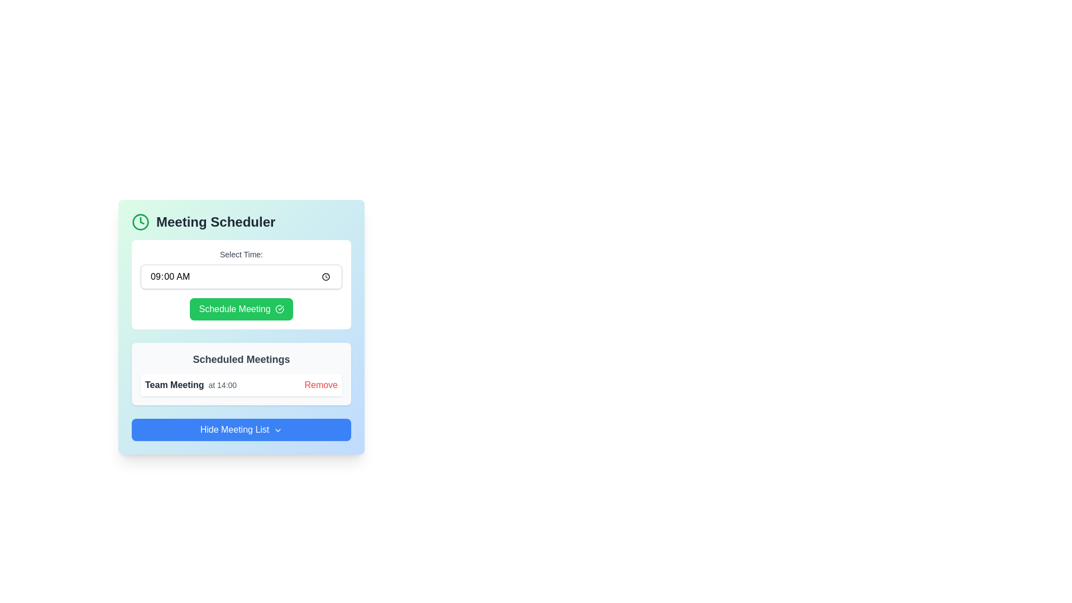  I want to click on the hollow circular element located at the center of the clock icon within the SVG image, positioned to the left of the 'Meeting Scheduler' heading, so click(140, 222).